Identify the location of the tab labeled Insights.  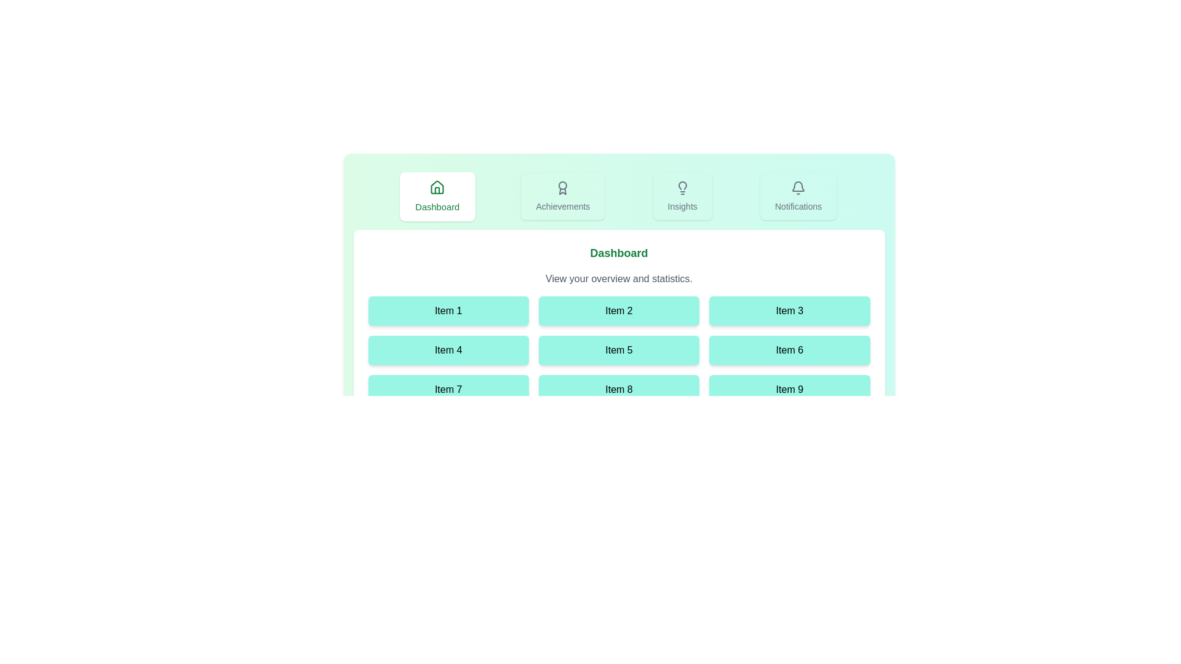
(682, 196).